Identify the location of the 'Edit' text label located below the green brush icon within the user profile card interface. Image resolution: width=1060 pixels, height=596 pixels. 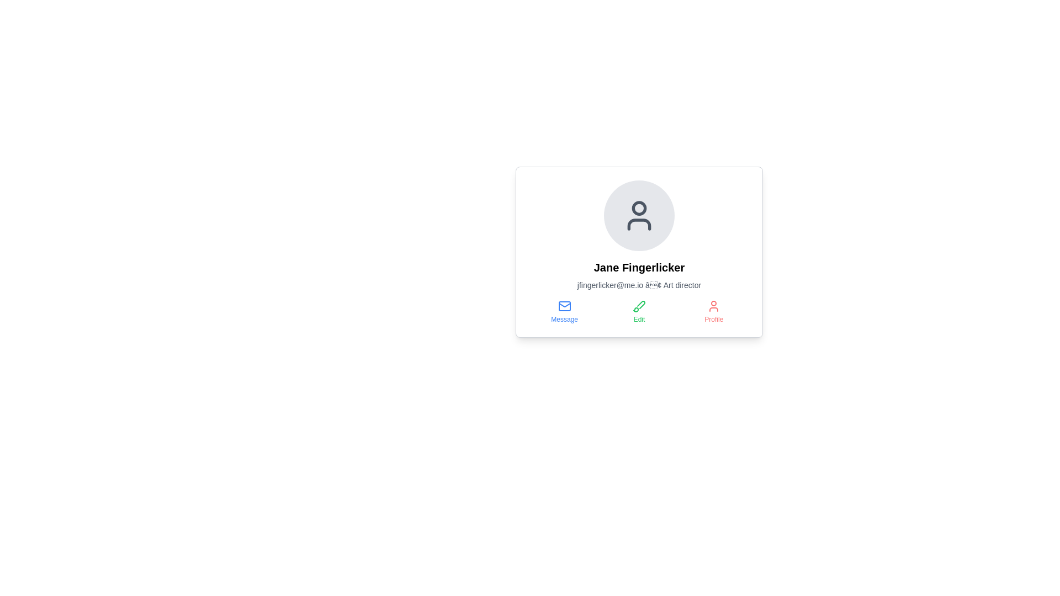
(639, 319).